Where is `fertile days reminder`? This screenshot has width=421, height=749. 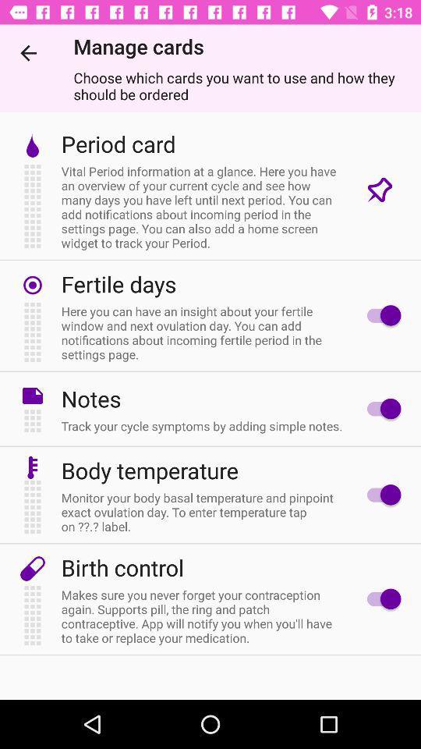 fertile days reminder is located at coordinates (379, 314).